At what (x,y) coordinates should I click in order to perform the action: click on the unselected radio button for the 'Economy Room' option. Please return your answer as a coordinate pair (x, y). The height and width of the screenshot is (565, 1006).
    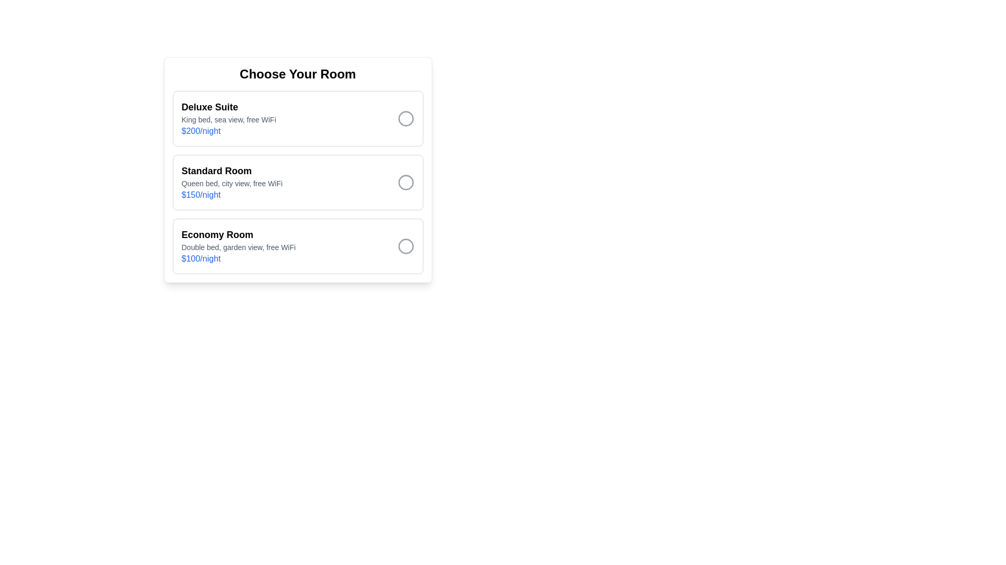
    Looking at the image, I should click on (405, 246).